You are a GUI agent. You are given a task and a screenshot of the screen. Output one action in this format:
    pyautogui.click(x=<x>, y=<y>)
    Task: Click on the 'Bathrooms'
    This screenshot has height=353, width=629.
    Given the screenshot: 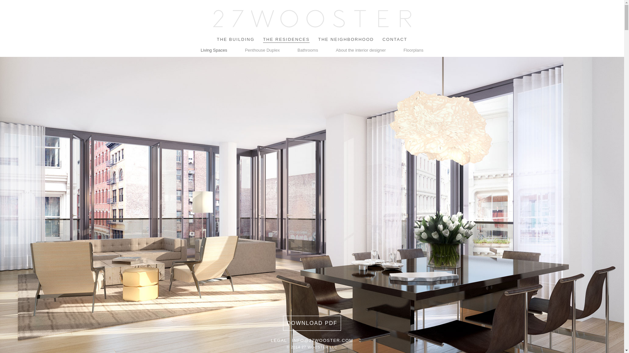 What is the action you would take?
    pyautogui.click(x=307, y=50)
    